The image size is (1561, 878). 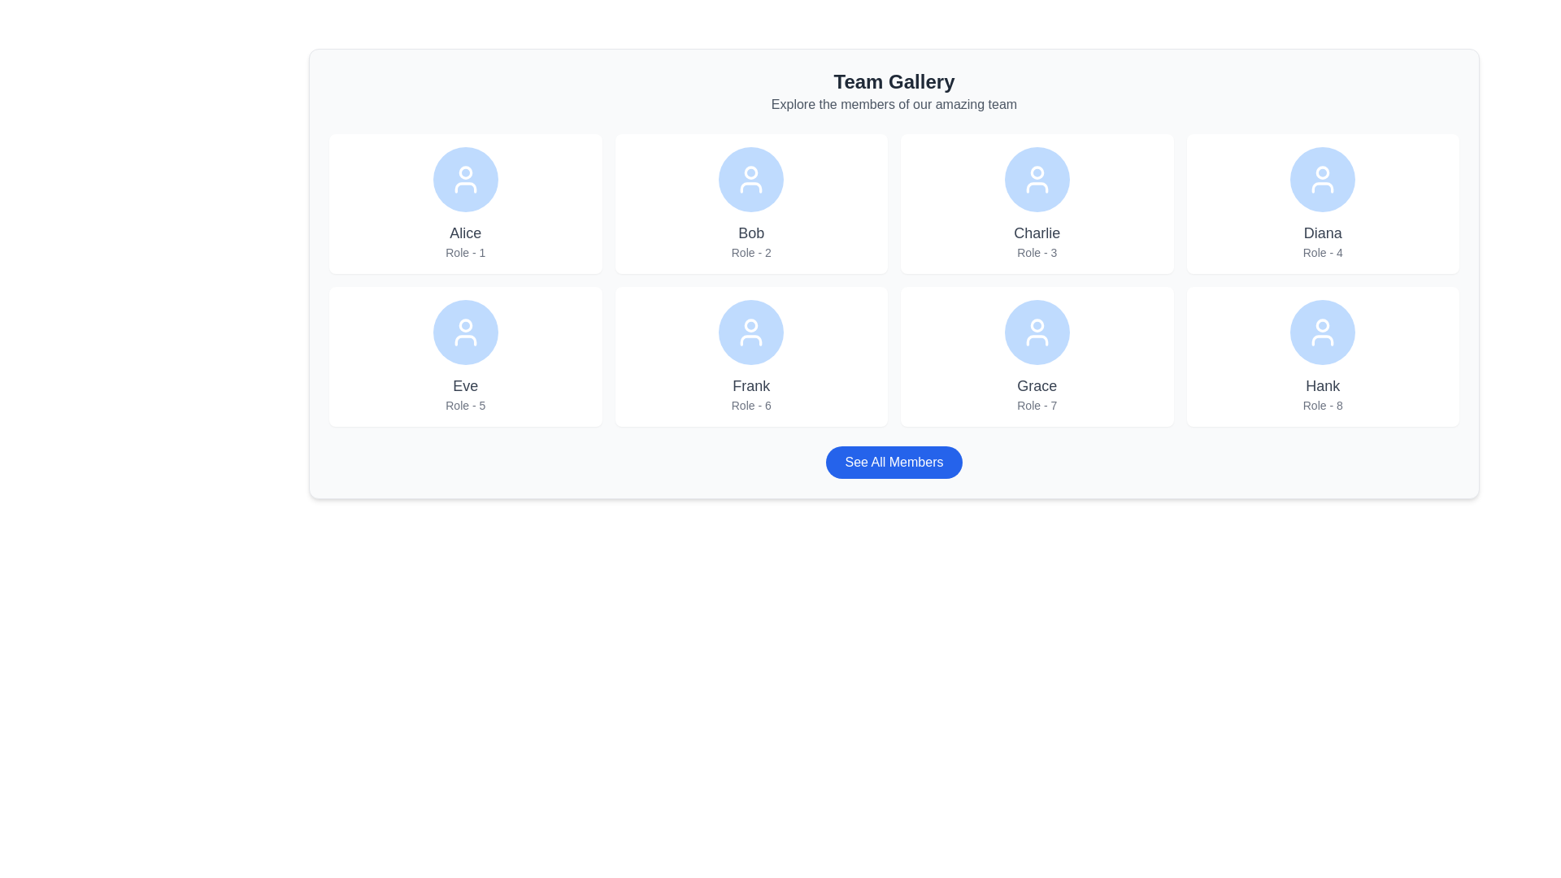 I want to click on the button with rounded corners and blue background labeled 'See All Members' located at the bottom center of the layout, so click(x=893, y=463).